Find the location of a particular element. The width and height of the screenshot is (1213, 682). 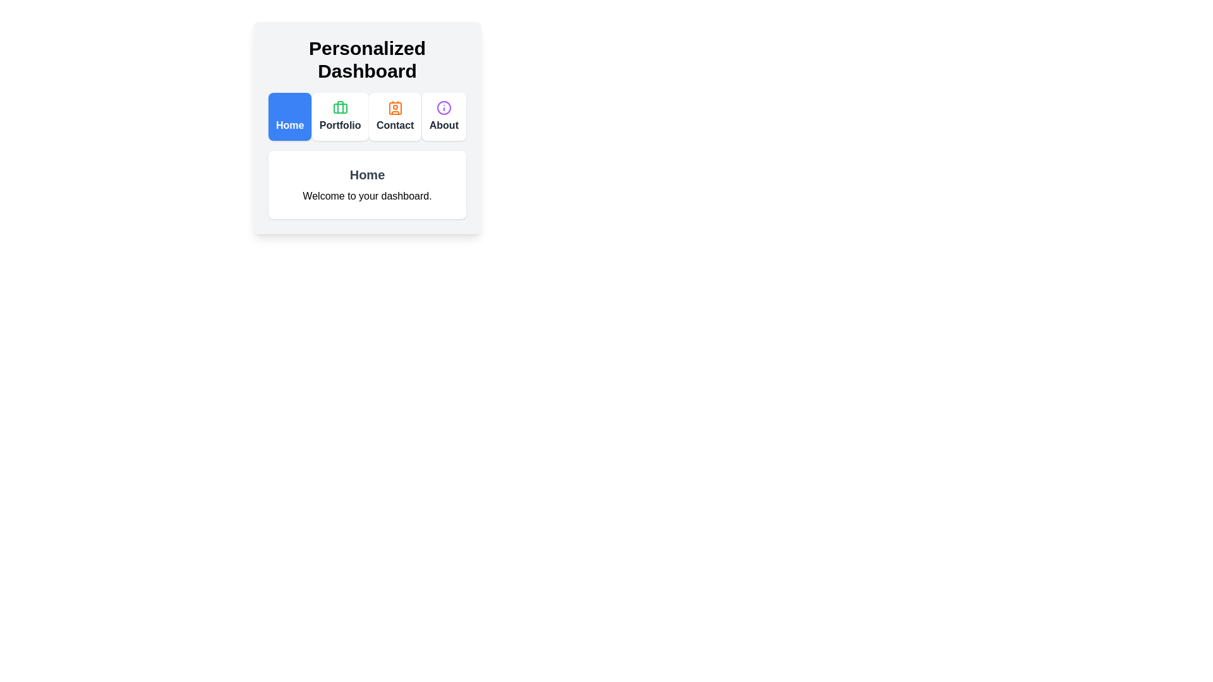

the tab labeled Portfolio is located at coordinates (340, 117).